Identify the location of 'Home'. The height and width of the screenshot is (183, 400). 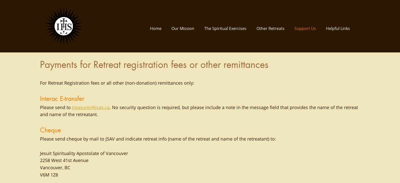
(150, 28).